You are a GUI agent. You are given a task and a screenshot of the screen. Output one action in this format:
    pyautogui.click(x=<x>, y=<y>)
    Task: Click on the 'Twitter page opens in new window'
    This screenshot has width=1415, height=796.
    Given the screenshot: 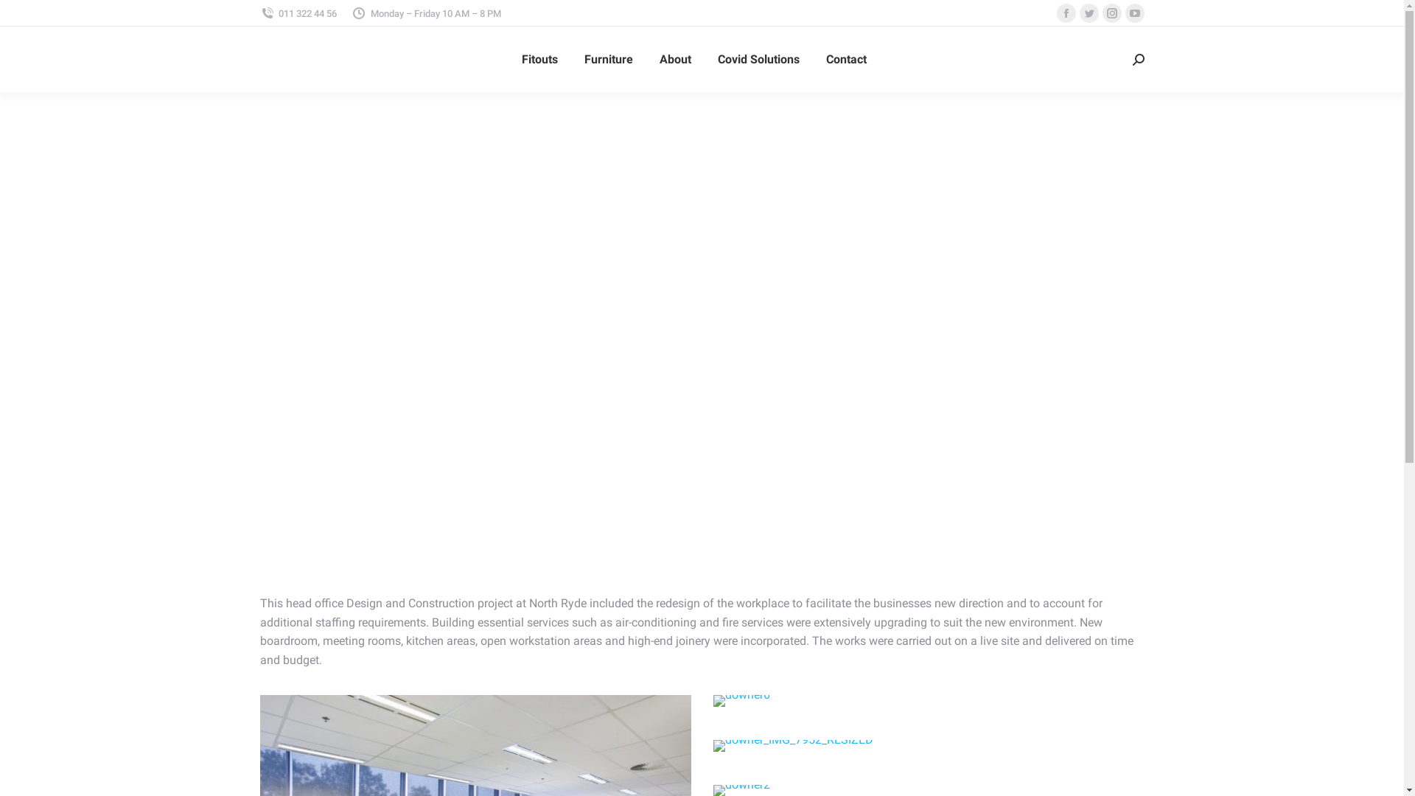 What is the action you would take?
    pyautogui.click(x=1089, y=13)
    